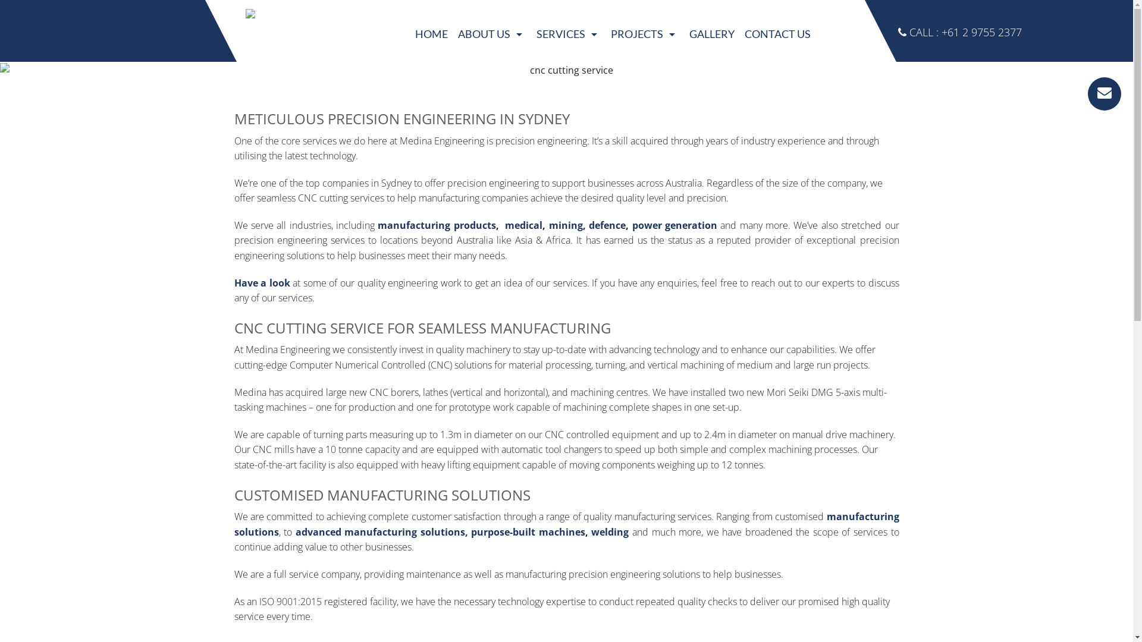  I want to click on 'ABOUT US', so click(492, 33).